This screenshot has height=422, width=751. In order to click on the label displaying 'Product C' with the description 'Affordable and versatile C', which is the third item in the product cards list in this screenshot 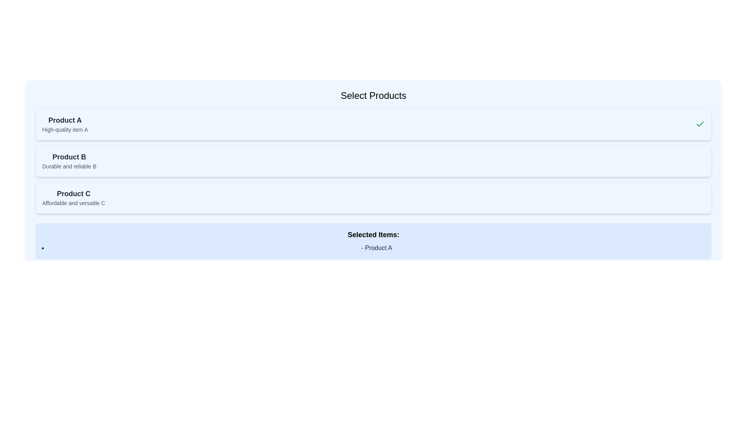, I will do `click(74, 197)`.